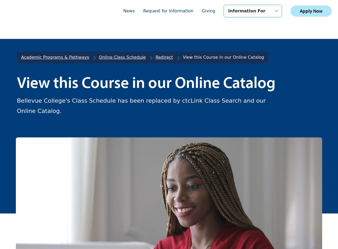 This screenshot has height=249, width=338. Describe the element at coordinates (47, 114) in the screenshot. I see `'Visit Campus'` at that location.